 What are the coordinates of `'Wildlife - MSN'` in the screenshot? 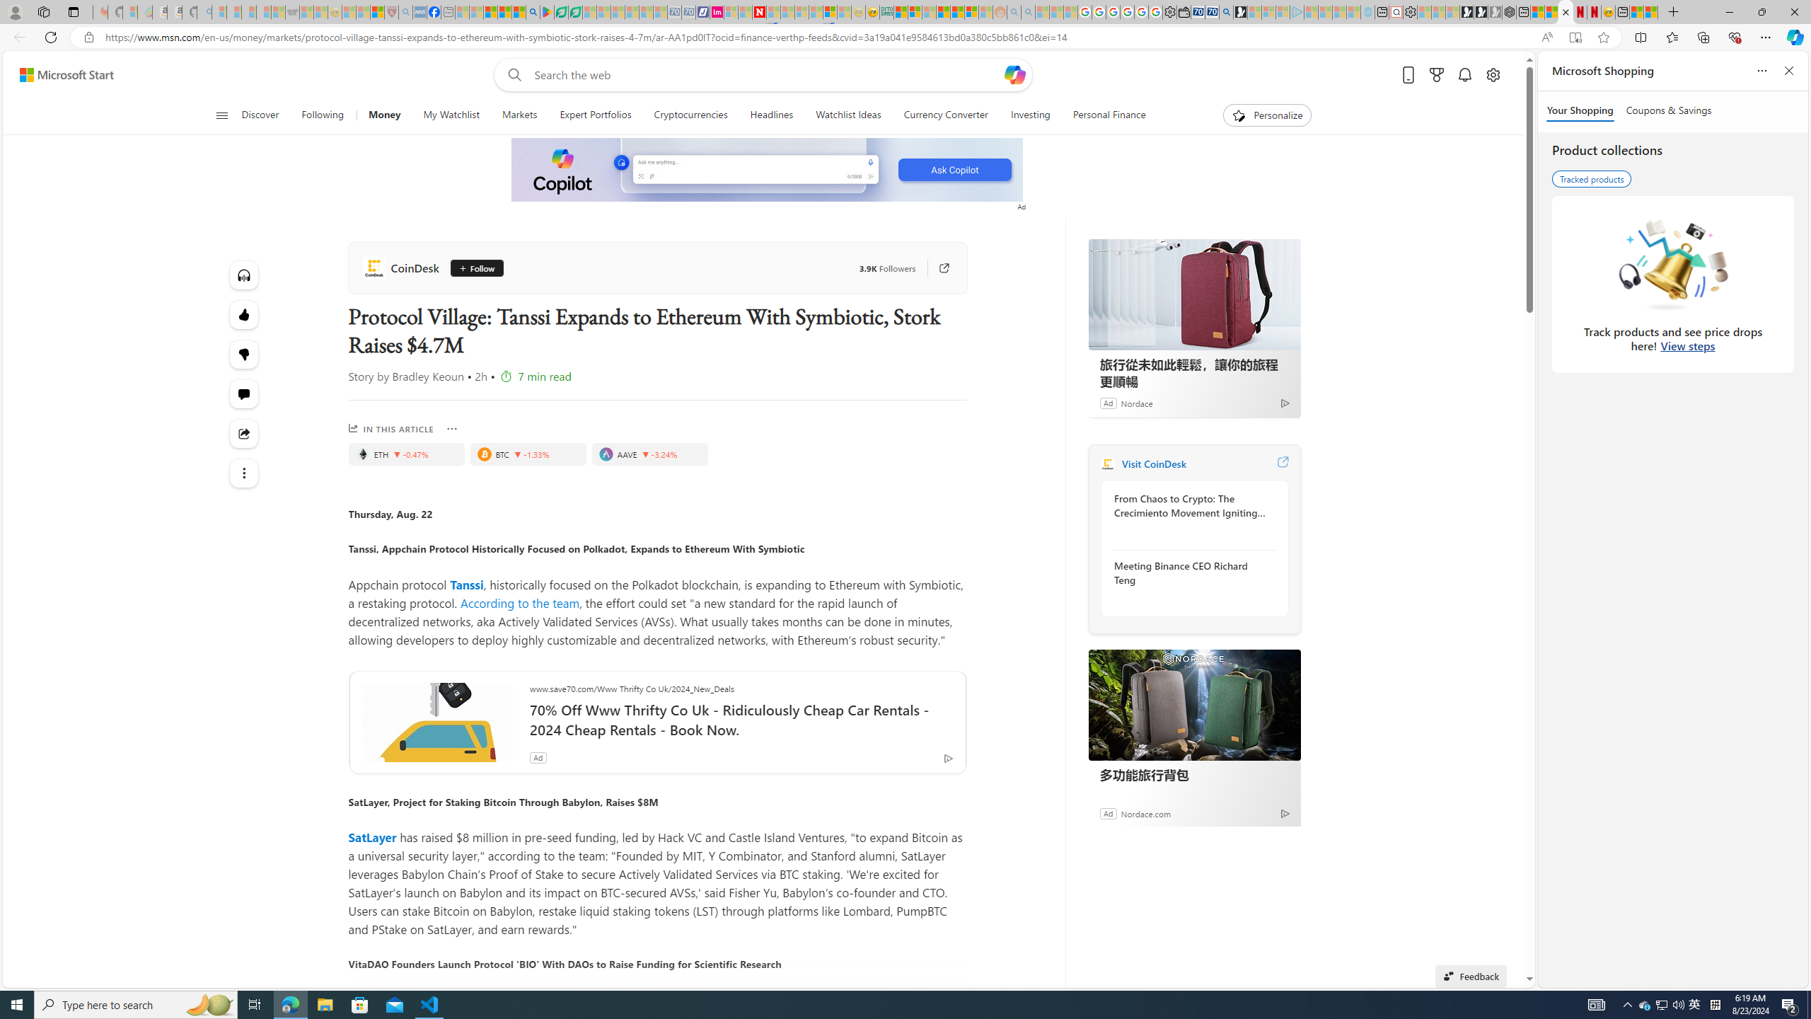 It's located at (1635, 11).